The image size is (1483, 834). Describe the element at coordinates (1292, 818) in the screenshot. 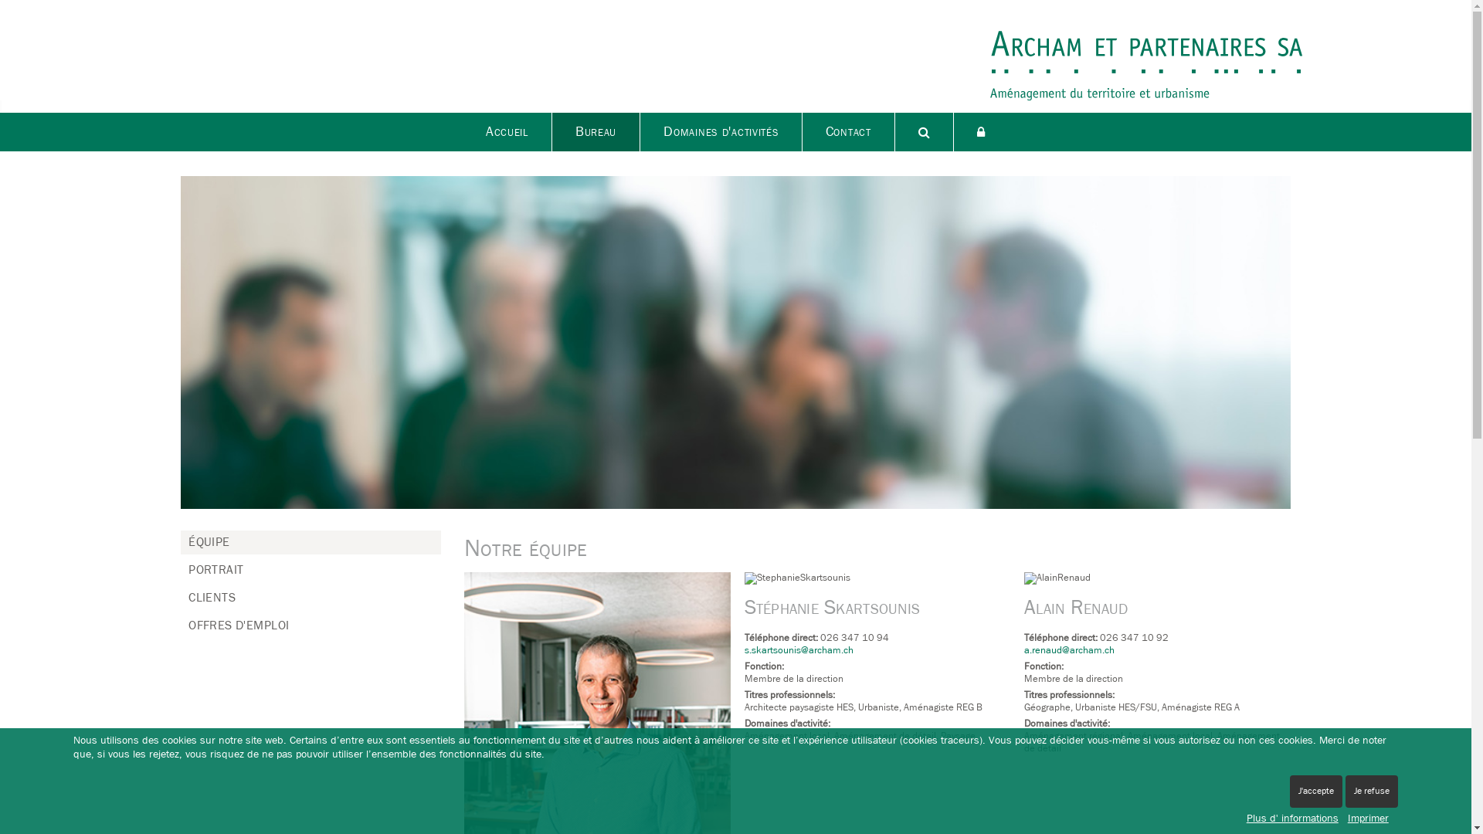

I see `'Plus d' informations'` at that location.